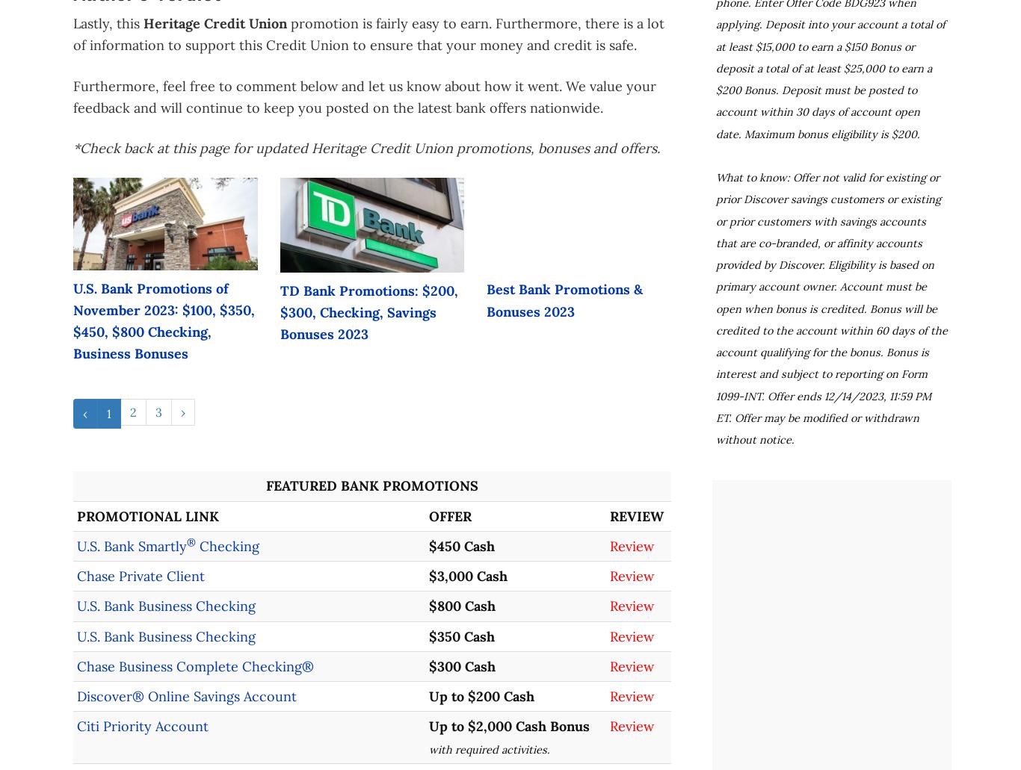  I want to click on 'What to know: Offer not valid for existing or prior Discover savings customers or existing or prior customers with savings accounts that are co-branded, or affinity accounts provided by Discover. Eligibility is based on primary account owner. Account must be open when bonus is credited. Bonus will be credited to the account within 60 days of the account qualifying for the bonus. Bonus is interest and subject to reporting on Form 1099-INT. Offer ends 12/14/2023, 11:59 PM ET. Offer may be modified or withdrawn without notice.', so click(831, 308).